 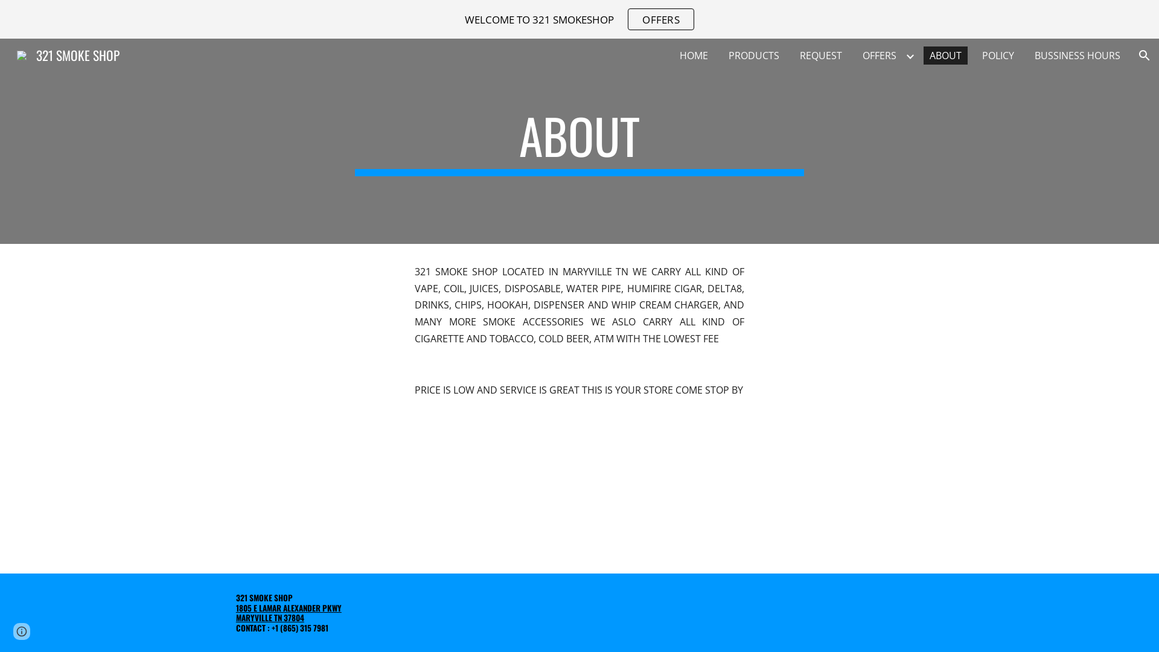 I want to click on 'Expand/Collapse', so click(x=910, y=56).